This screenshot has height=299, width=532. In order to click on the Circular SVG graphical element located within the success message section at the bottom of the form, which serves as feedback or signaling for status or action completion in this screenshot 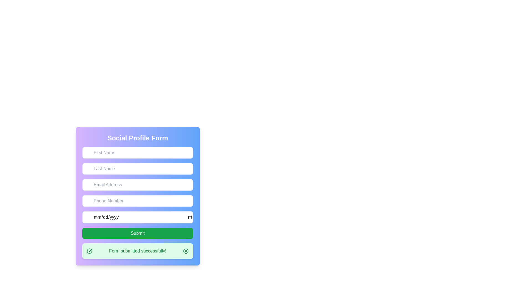, I will do `click(186, 251)`.